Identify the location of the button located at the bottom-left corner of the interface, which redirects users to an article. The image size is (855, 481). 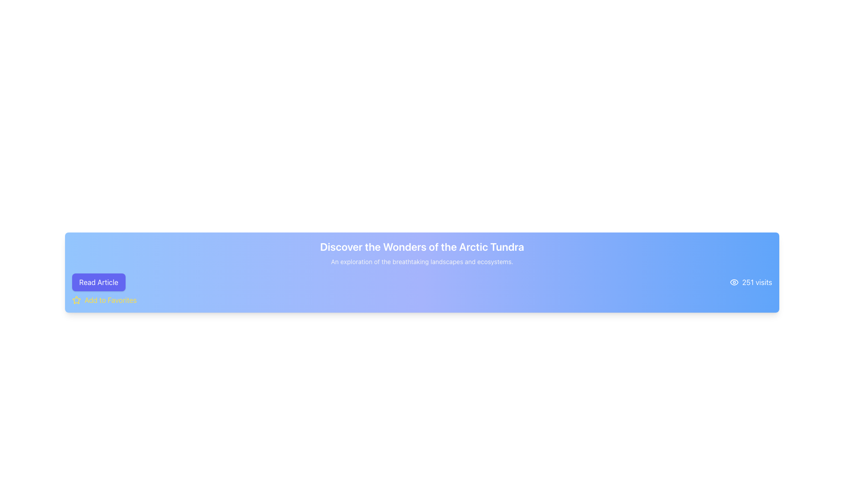
(98, 282).